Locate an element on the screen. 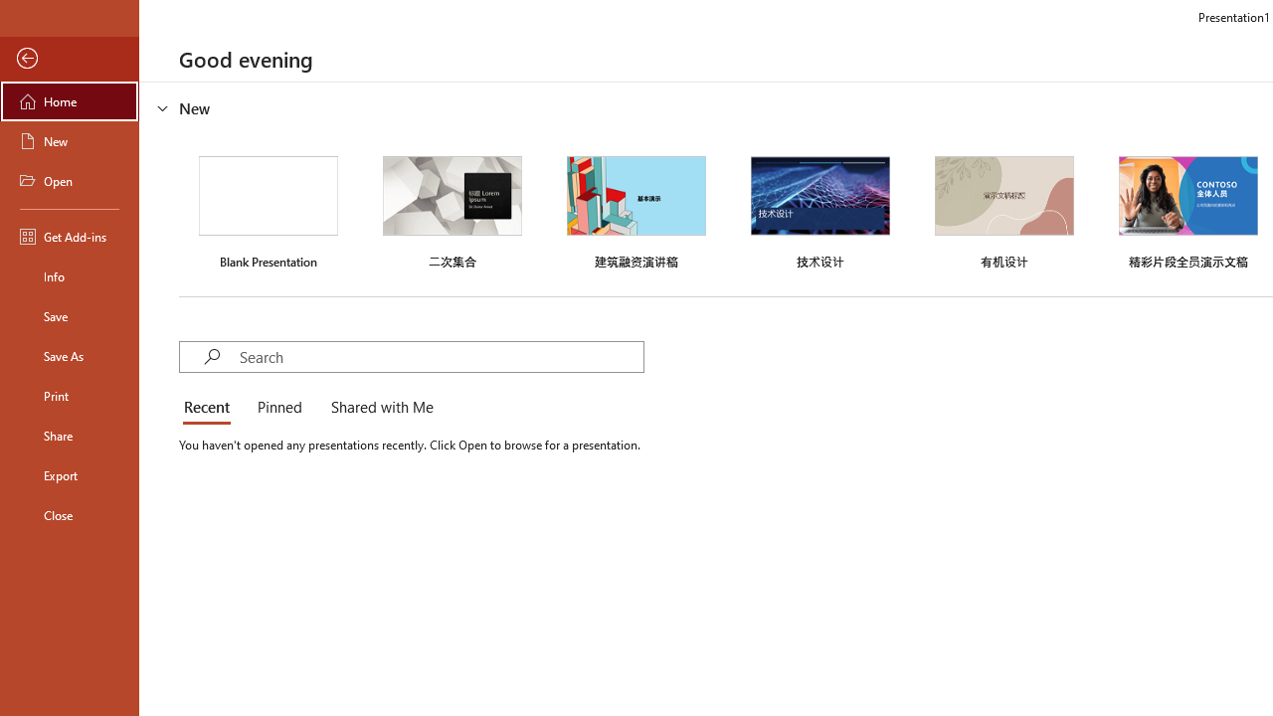 This screenshot has height=716, width=1273. 'Blank Presentation' is located at coordinates (268, 210).